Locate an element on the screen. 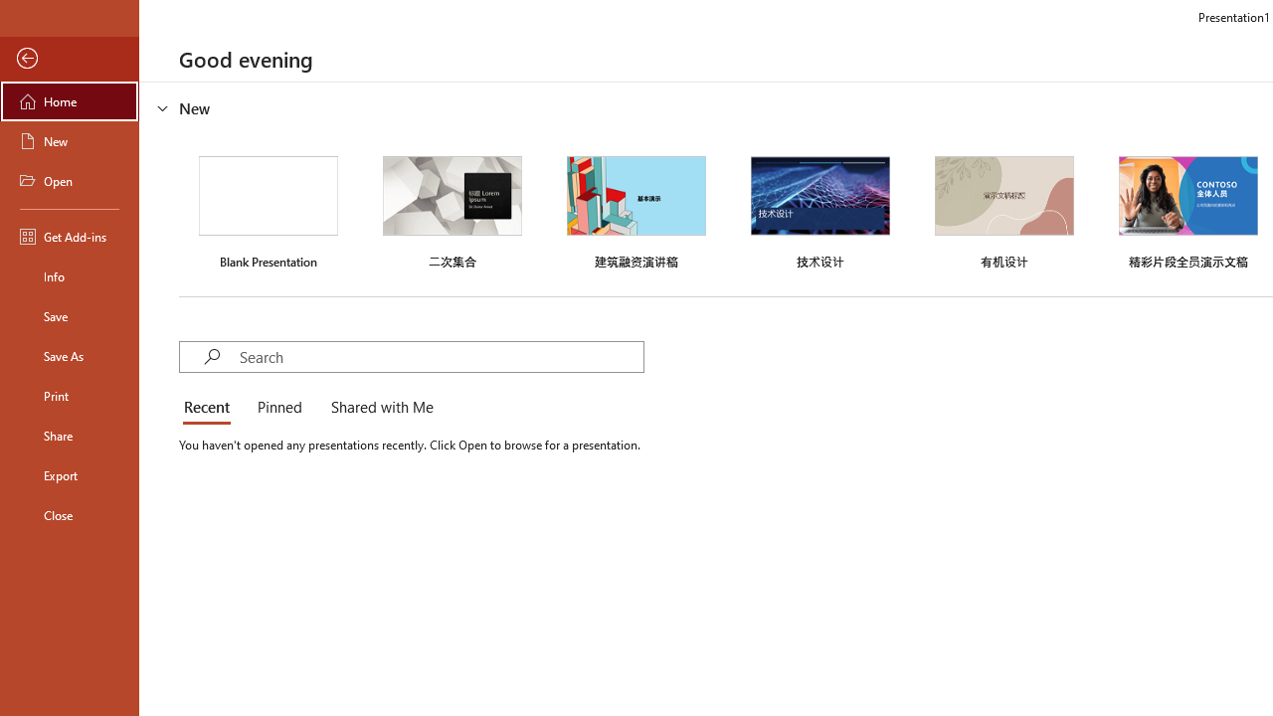 This screenshot has height=716, width=1273. 'Blank Presentation' is located at coordinates (268, 210).